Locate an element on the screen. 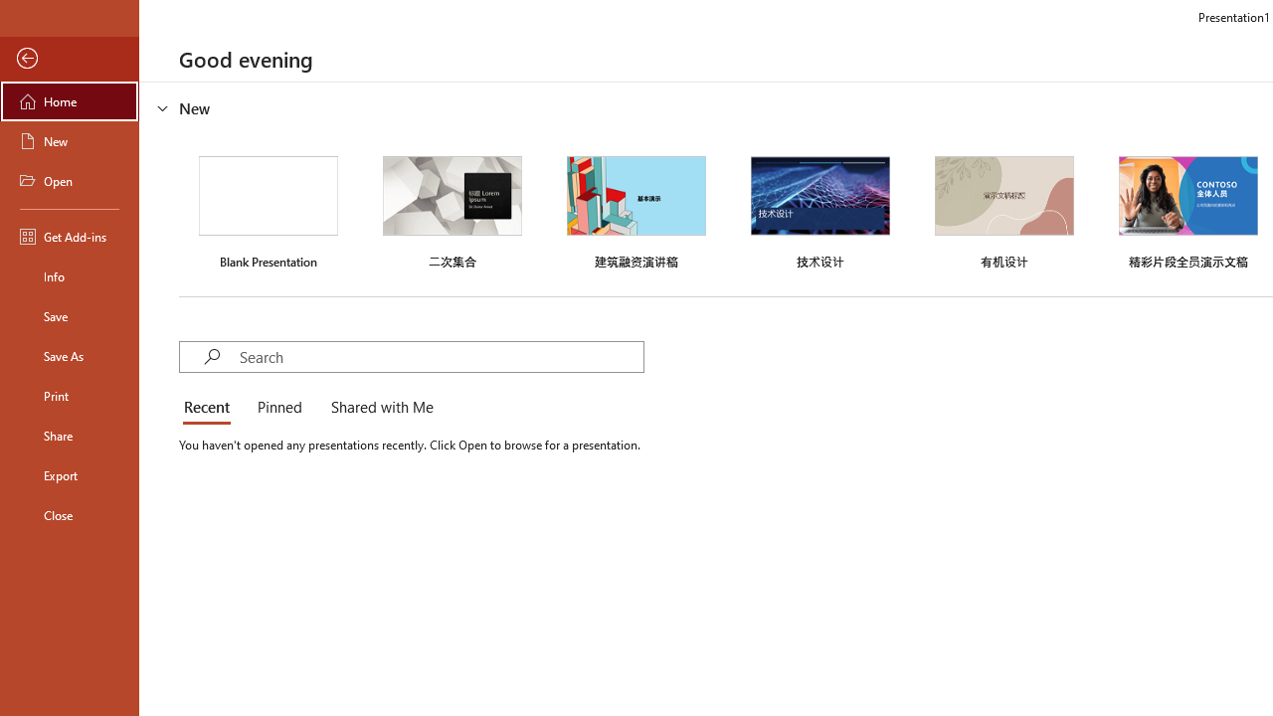 This screenshot has height=716, width=1273. 'Blank Presentation' is located at coordinates (268, 210).